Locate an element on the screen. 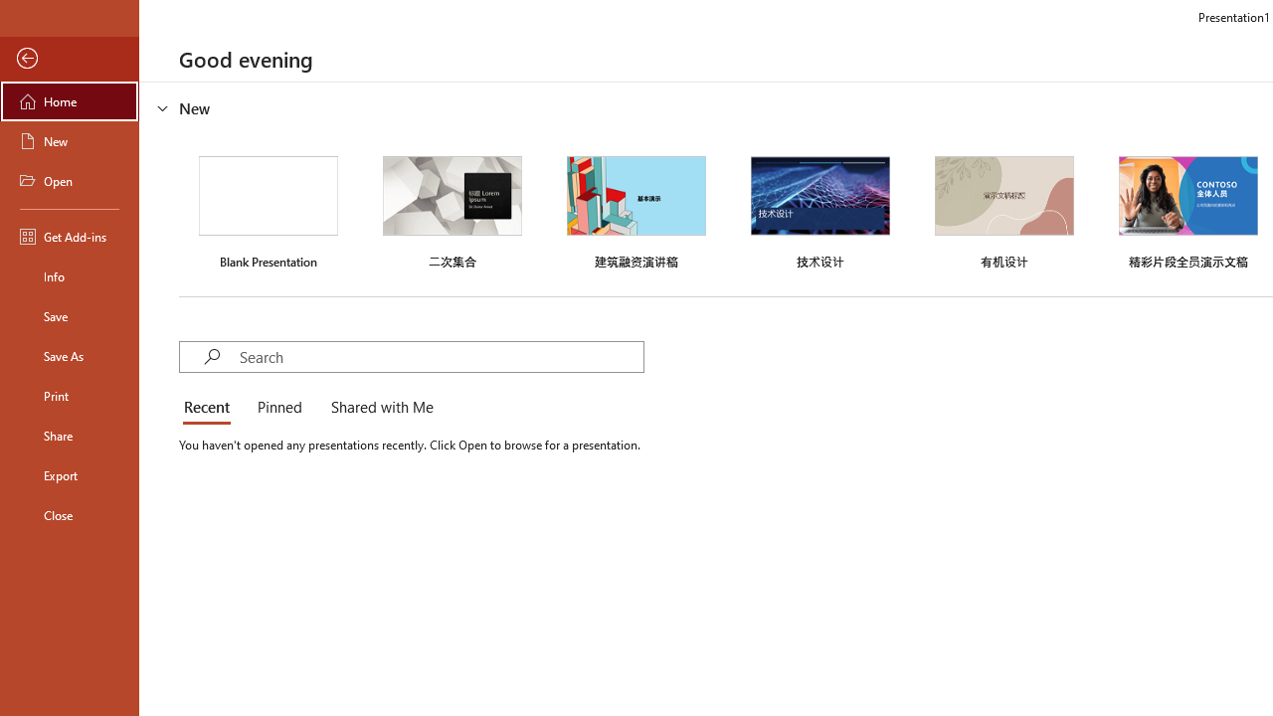 This screenshot has height=716, width=1273. 'Blank Presentation' is located at coordinates (268, 210).